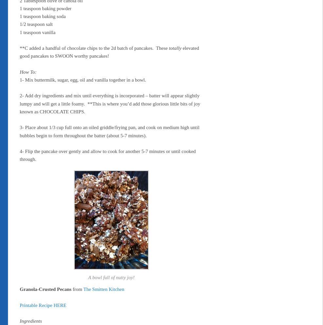 The image size is (323, 325). Describe the element at coordinates (19, 304) in the screenshot. I see `'Printable Recipe HERE'` at that location.